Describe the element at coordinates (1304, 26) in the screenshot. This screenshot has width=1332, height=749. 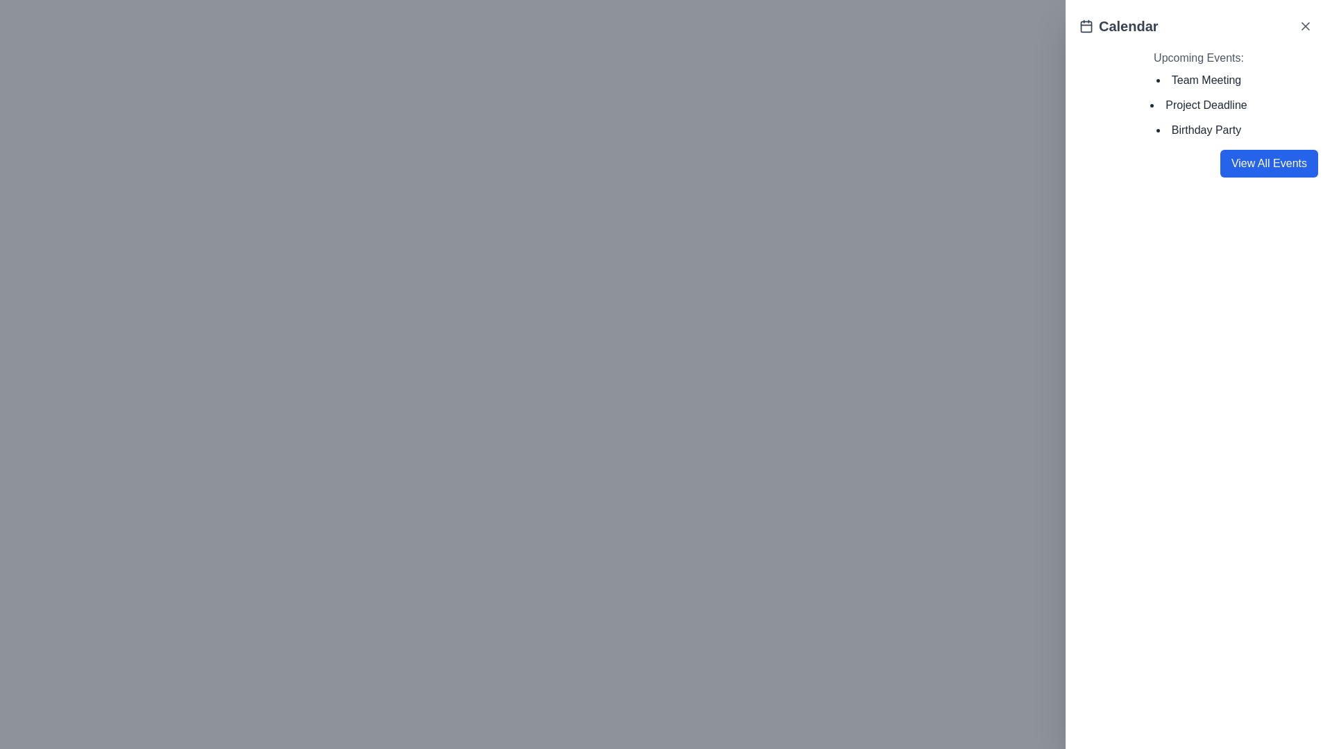
I see `the gray cross icon button located at the top-right corner of the calendar section` at that location.